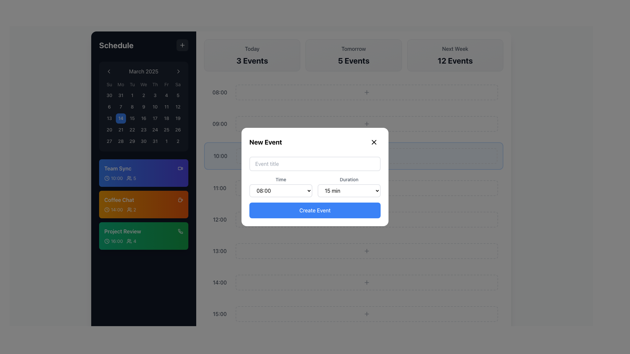 The width and height of the screenshot is (630, 354). Describe the element at coordinates (121, 118) in the screenshot. I see `the button representing the 14th day of the calendar month` at that location.